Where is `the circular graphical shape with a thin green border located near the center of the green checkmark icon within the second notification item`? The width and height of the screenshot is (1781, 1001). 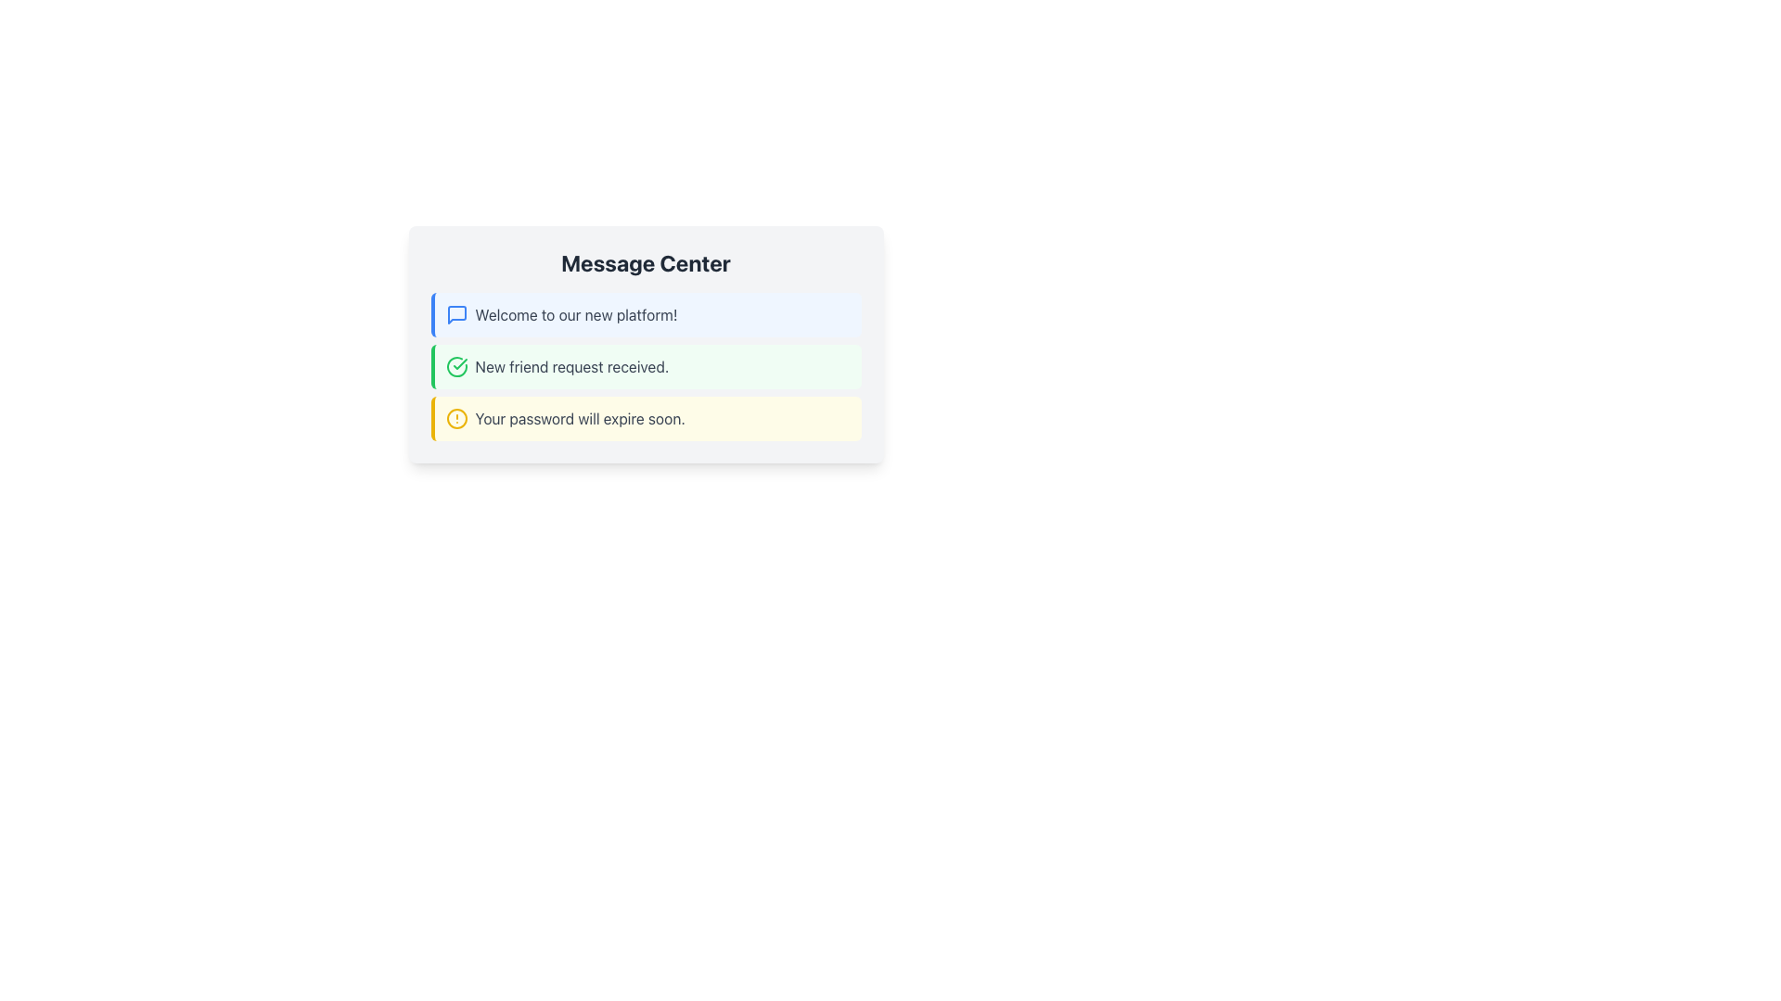 the circular graphical shape with a thin green border located near the center of the green checkmark icon within the second notification item is located at coordinates (456, 367).